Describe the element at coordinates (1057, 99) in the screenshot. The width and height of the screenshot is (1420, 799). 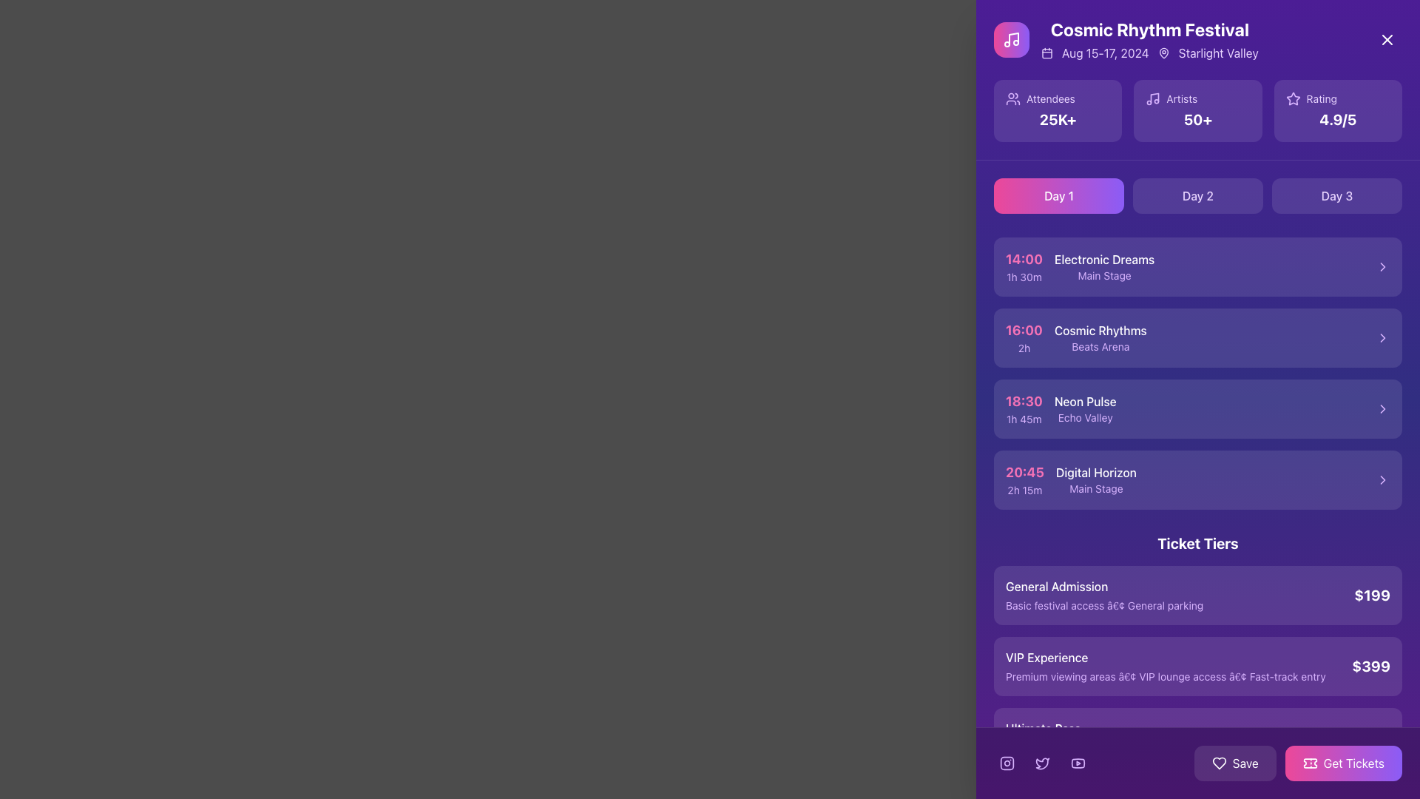
I see `the text label 'Attendees' styled in a small purple font, which is positioned to the right of a group of people icon and above the text '25K+'` at that location.